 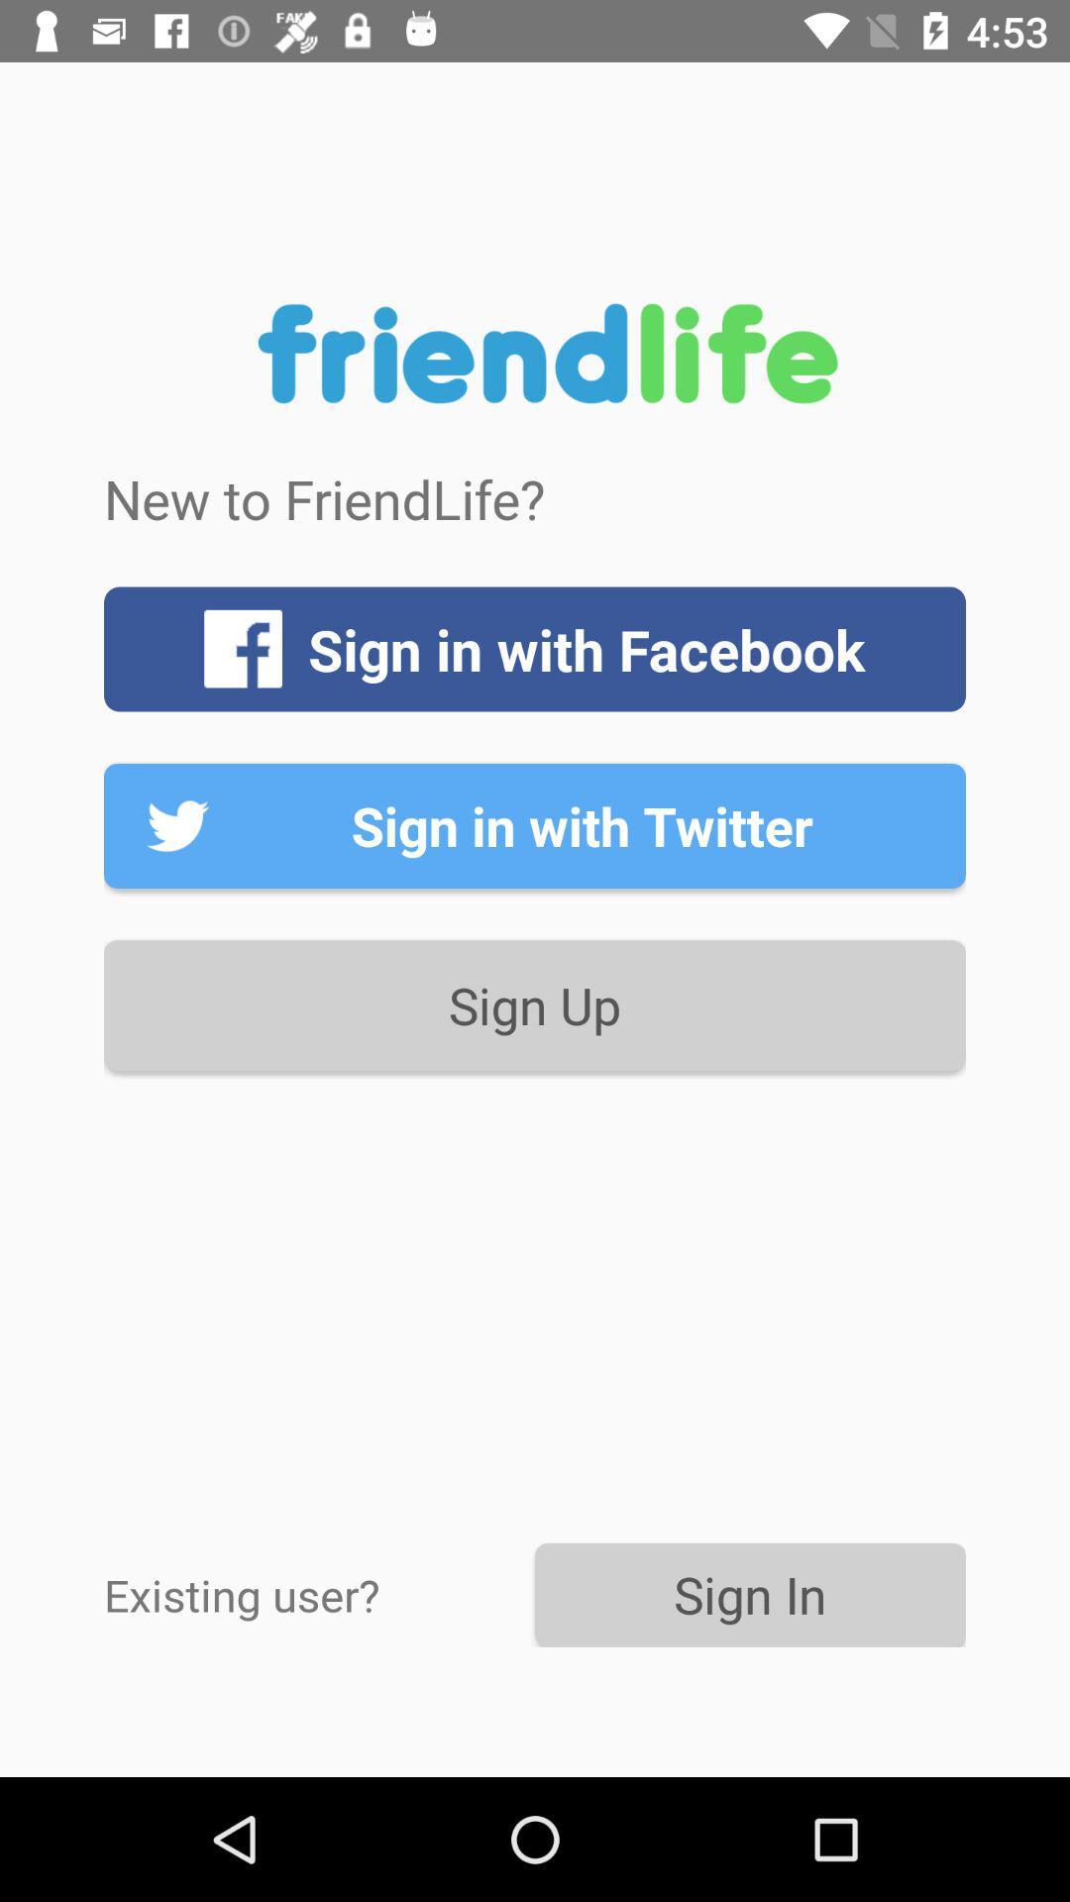 I want to click on the item to the left of sign in item, so click(x=318, y=1594).